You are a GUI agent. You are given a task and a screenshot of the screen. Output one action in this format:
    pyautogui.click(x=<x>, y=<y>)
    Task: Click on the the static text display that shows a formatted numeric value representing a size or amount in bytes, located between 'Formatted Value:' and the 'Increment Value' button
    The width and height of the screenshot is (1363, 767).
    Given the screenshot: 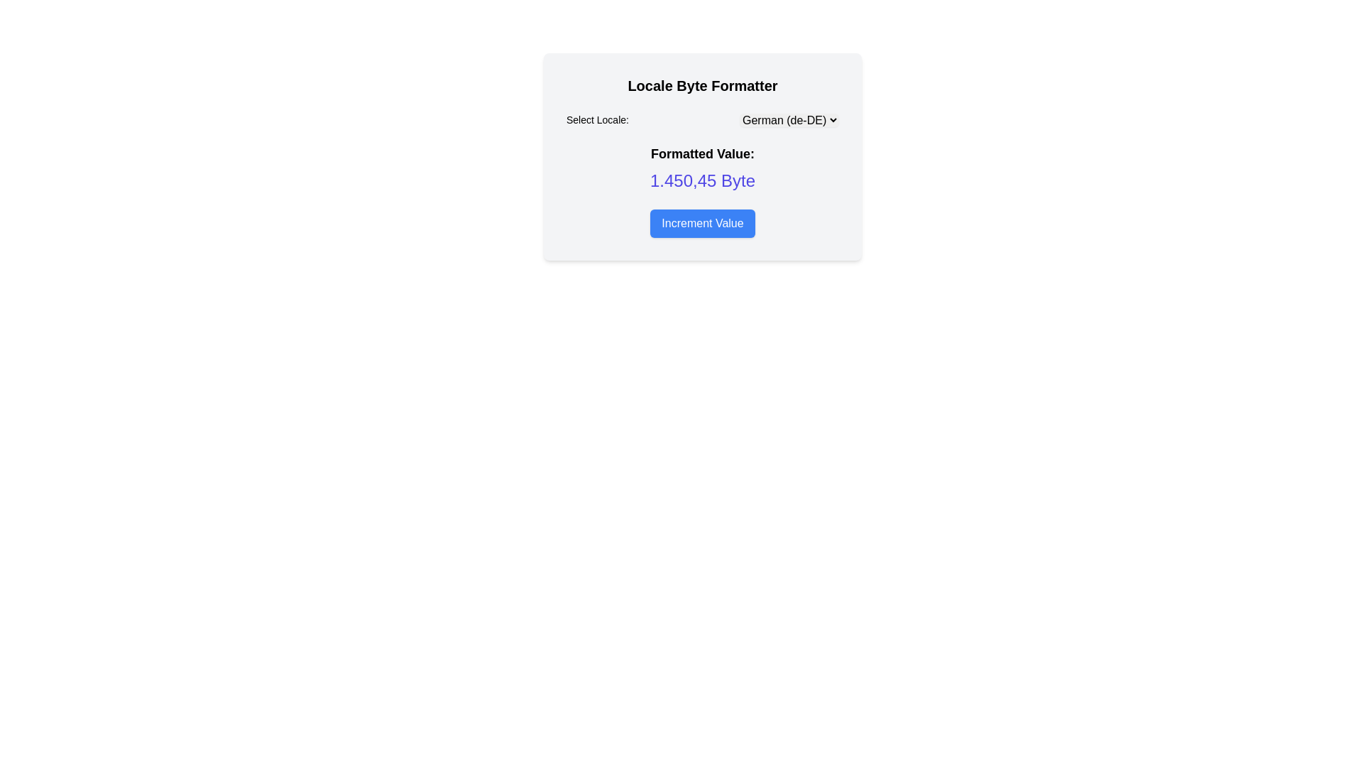 What is the action you would take?
    pyautogui.click(x=702, y=180)
    